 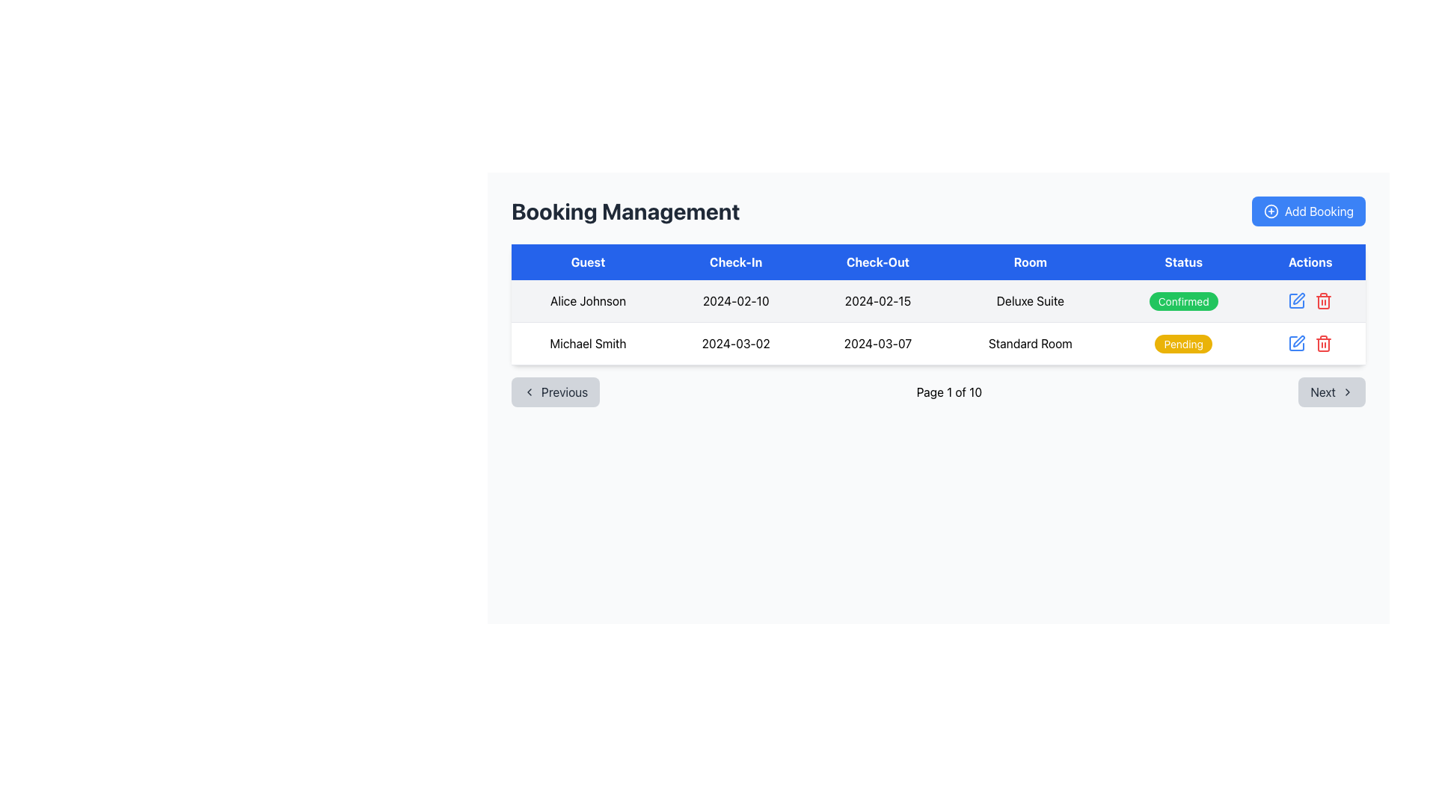 I want to click on the text label displaying the date '2024-03-02' in the 'Check-In' column of the Booking Management interface, so click(x=736, y=343).